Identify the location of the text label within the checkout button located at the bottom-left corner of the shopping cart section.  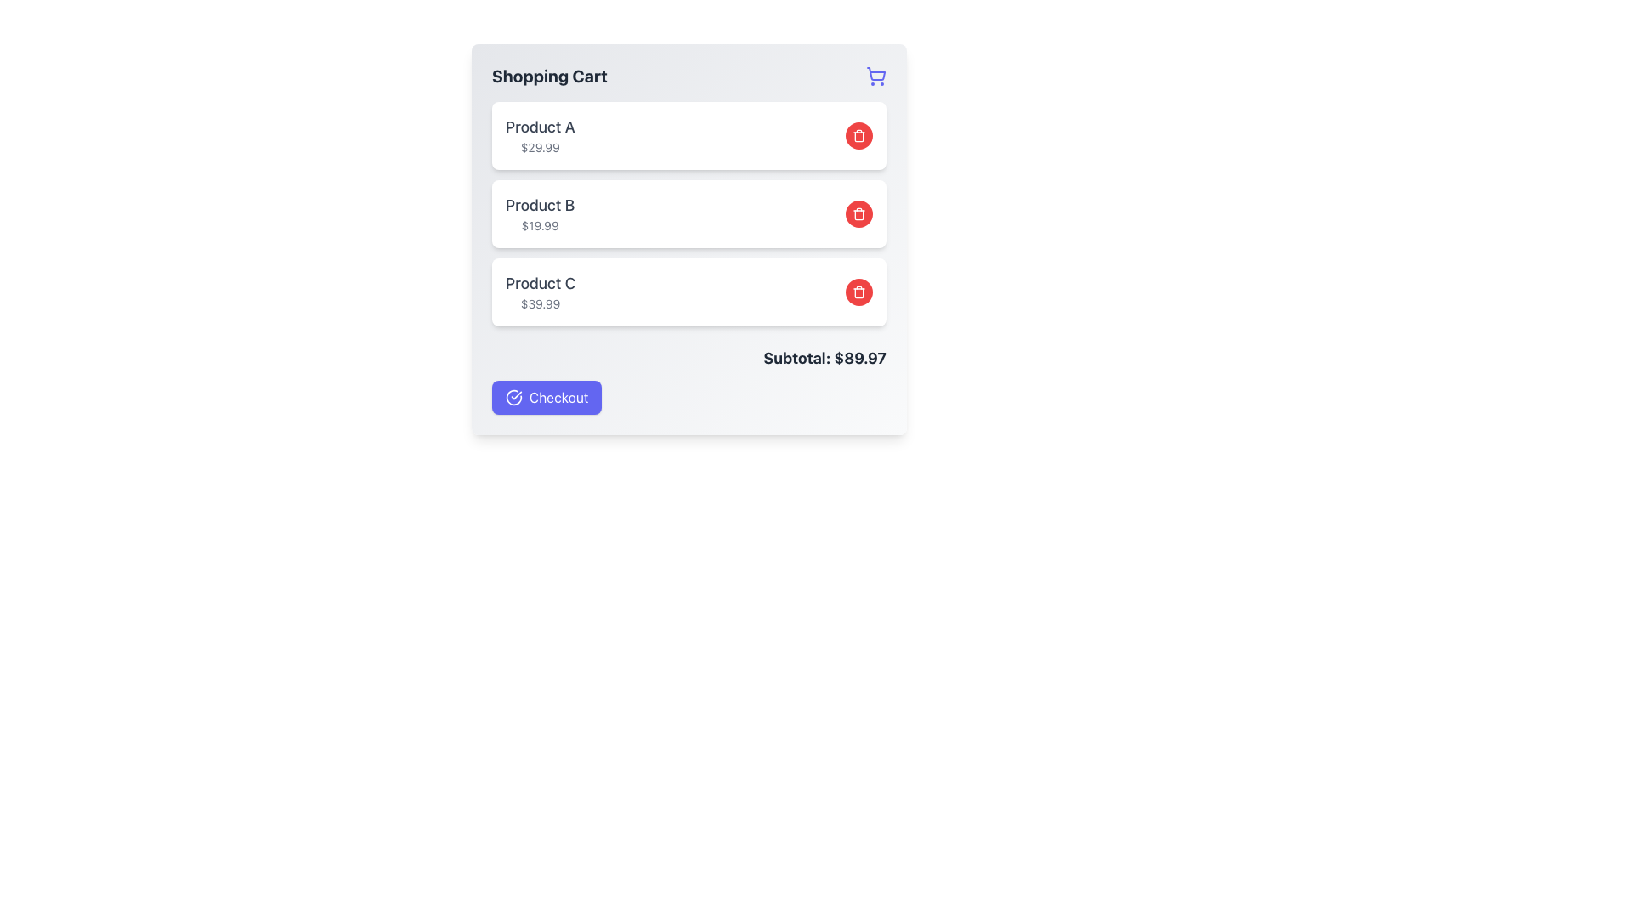
(558, 397).